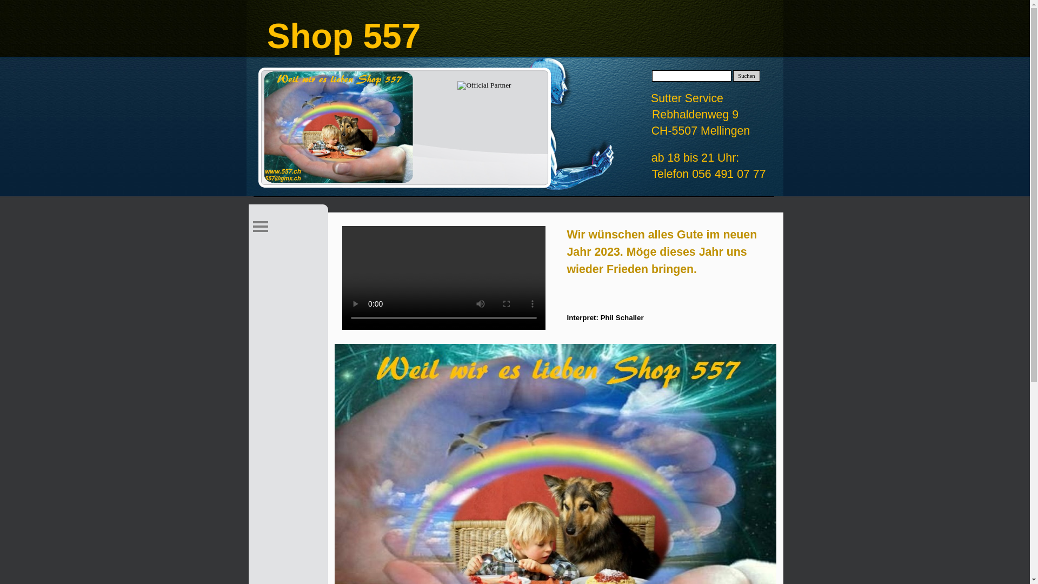 This screenshot has width=1038, height=584. What do you see at coordinates (457, 85) in the screenshot?
I see `'Official Partner'` at bounding box center [457, 85].